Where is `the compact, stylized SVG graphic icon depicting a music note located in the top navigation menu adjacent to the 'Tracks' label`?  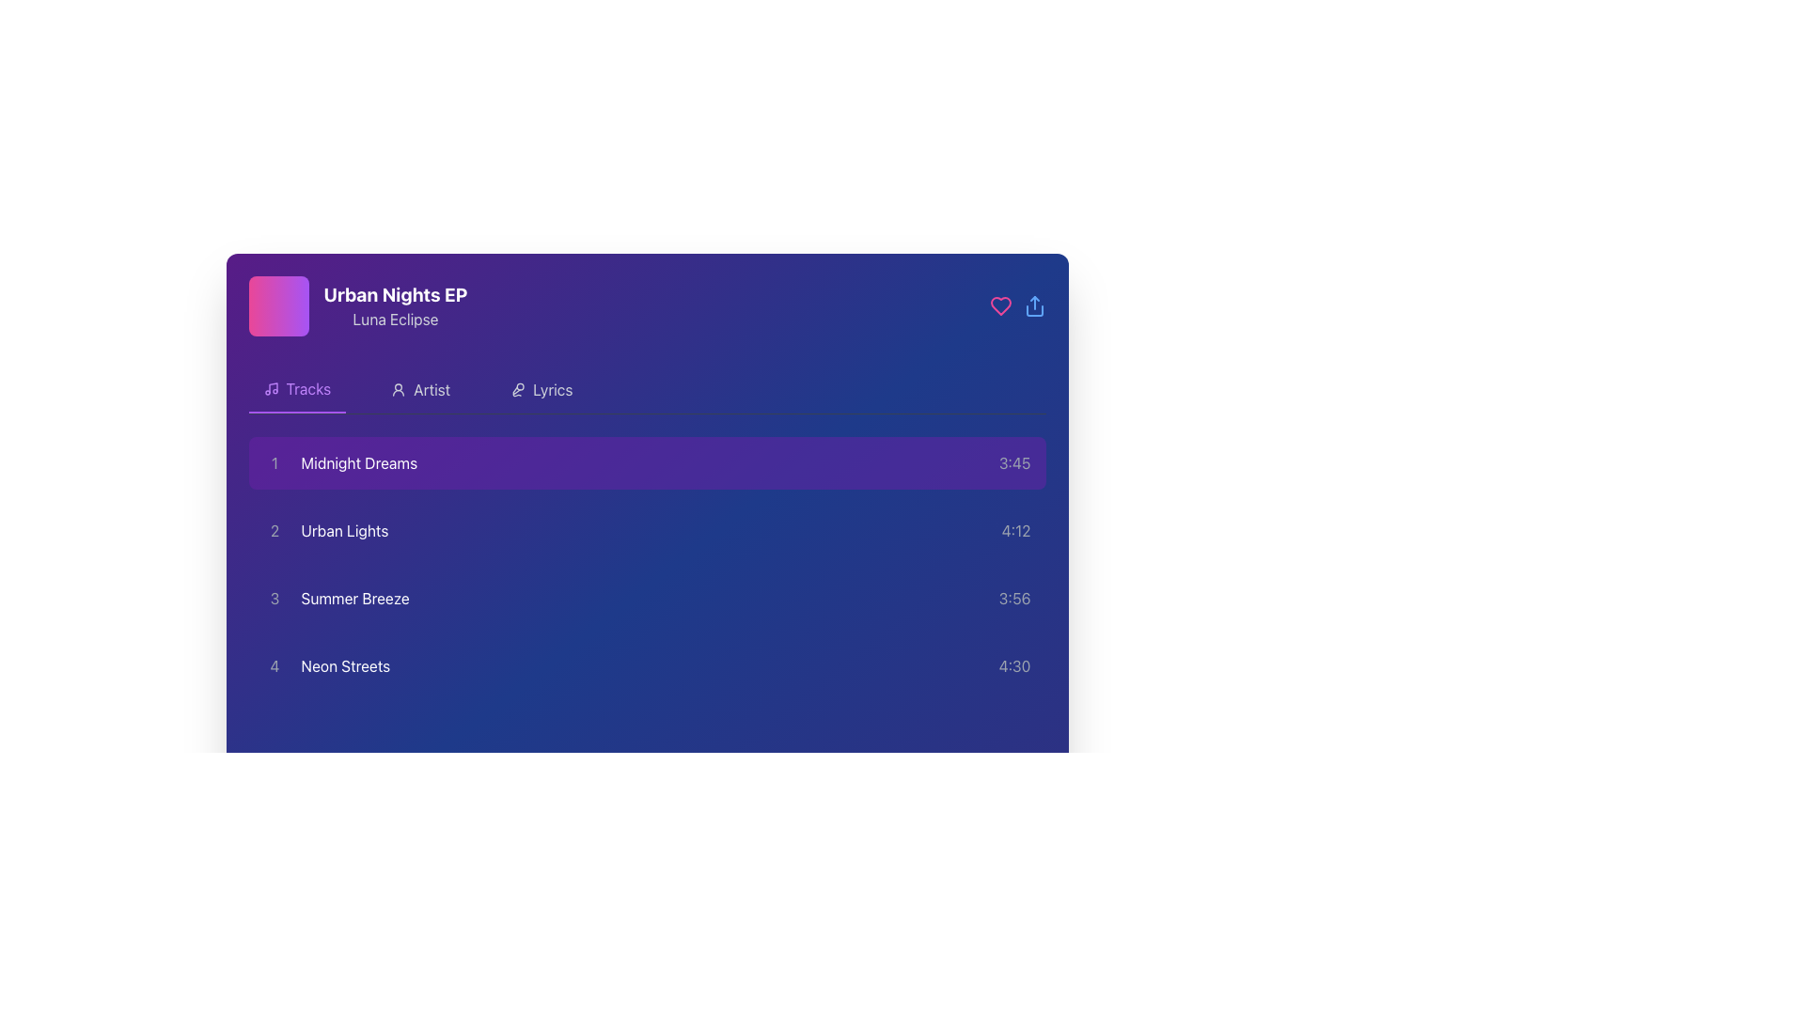
the compact, stylized SVG graphic icon depicting a music note located in the top navigation menu adjacent to the 'Tracks' label is located at coordinates (270, 387).